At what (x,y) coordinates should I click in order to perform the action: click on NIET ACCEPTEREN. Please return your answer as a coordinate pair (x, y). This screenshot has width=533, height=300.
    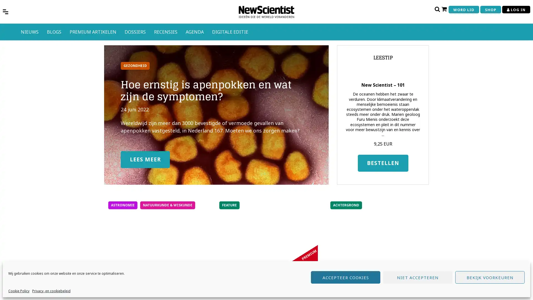
    Looking at the image, I should click on (418, 277).